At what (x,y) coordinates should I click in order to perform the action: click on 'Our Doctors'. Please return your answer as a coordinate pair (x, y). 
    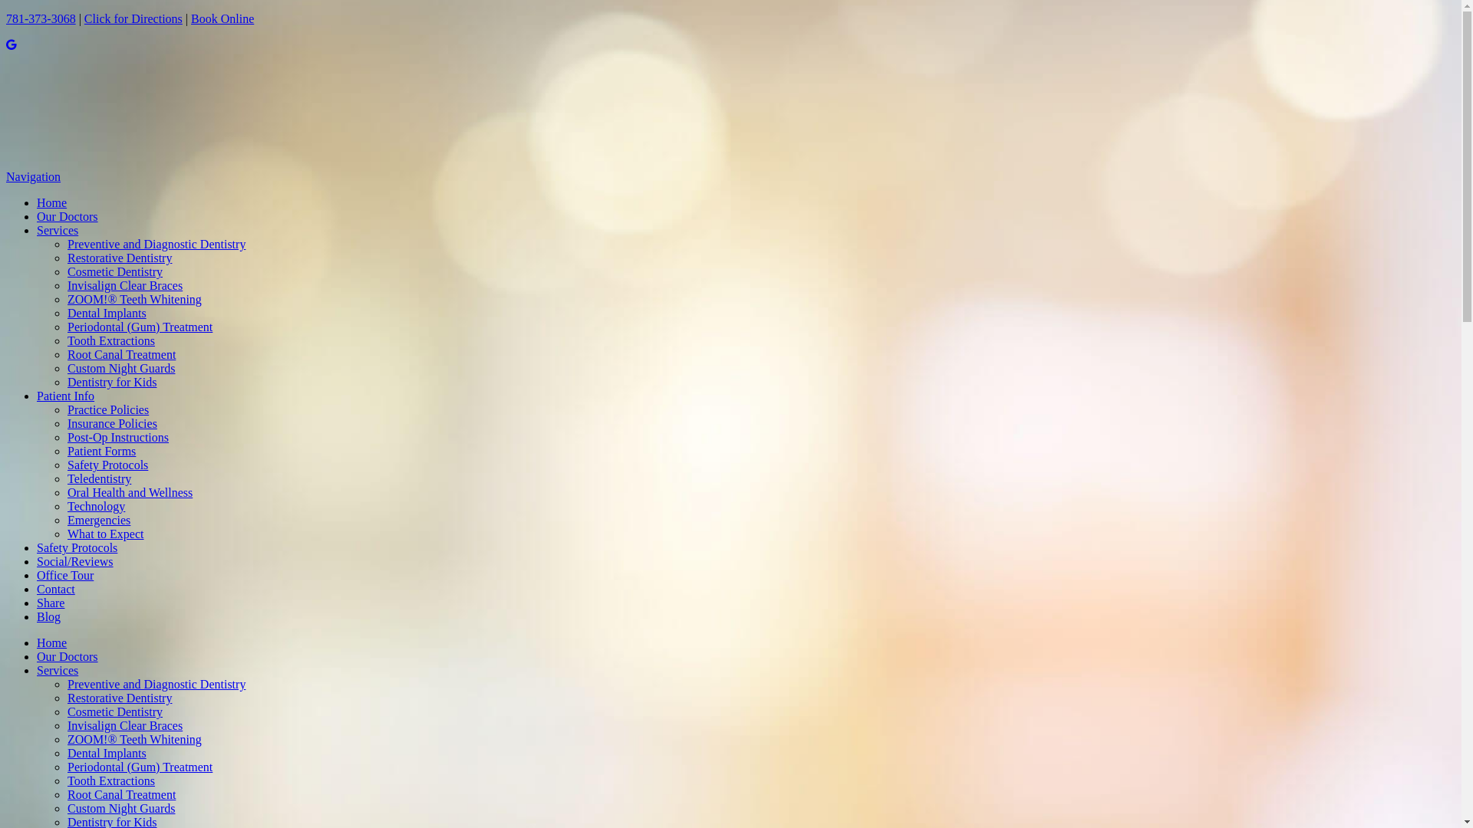
    Looking at the image, I should click on (66, 655).